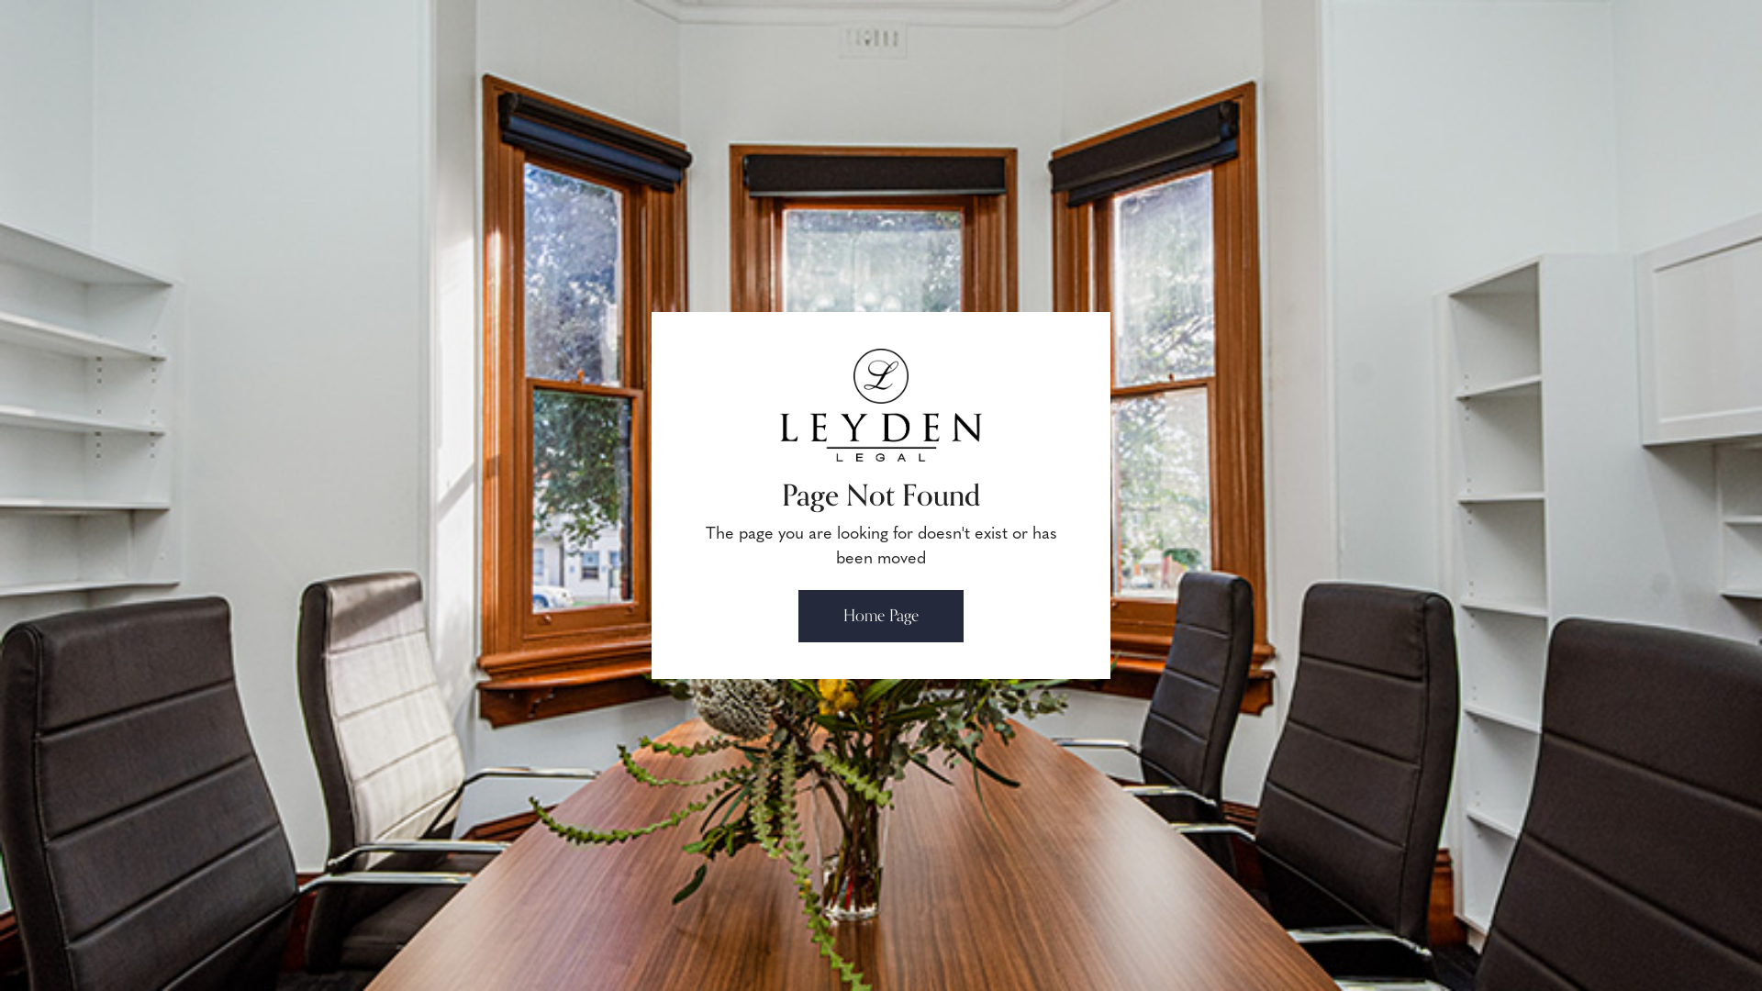  What do you see at coordinates (881, 616) in the screenshot?
I see `'Home Page'` at bounding box center [881, 616].